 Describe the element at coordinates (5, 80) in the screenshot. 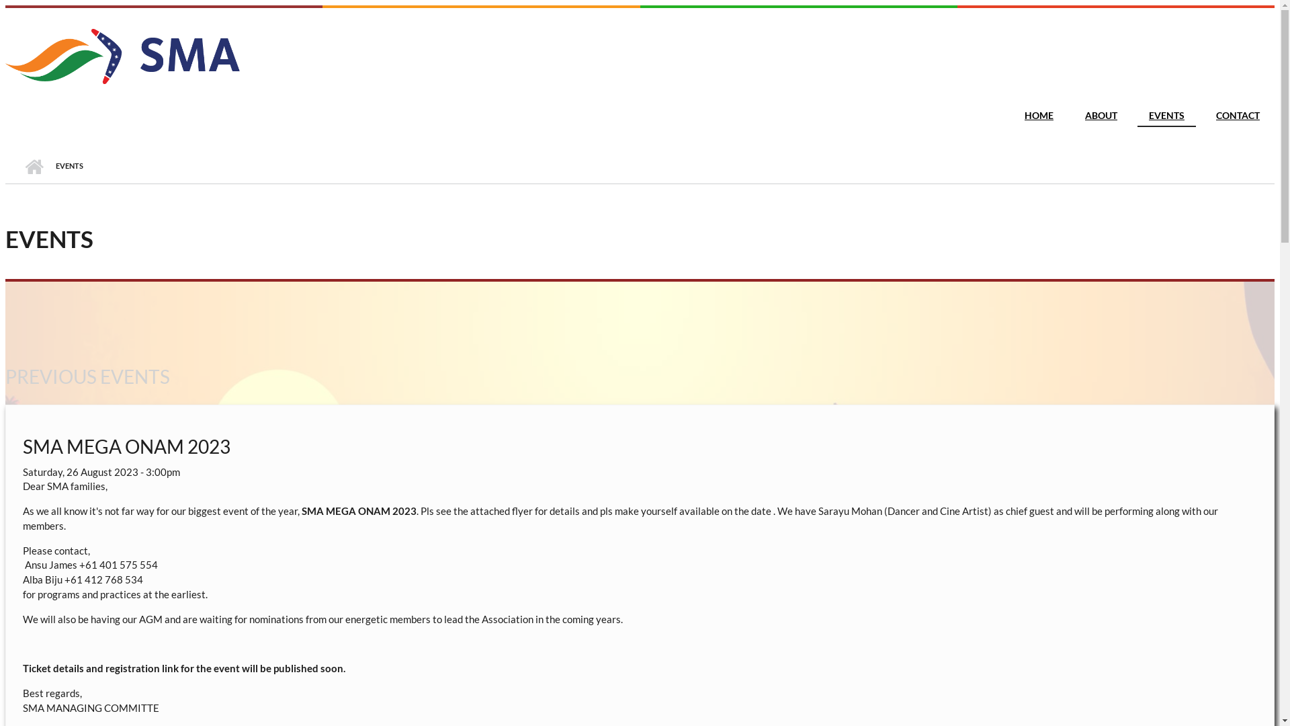

I see `'Home'` at that location.